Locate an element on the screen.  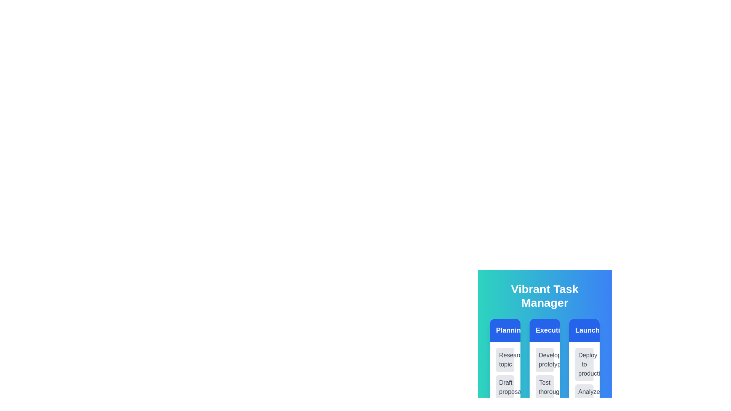
the text label indicating a task or phase within the 'Planning' category in the 'Vibrant Task Manager', located below the 'Research topic' entry is located at coordinates (505, 387).